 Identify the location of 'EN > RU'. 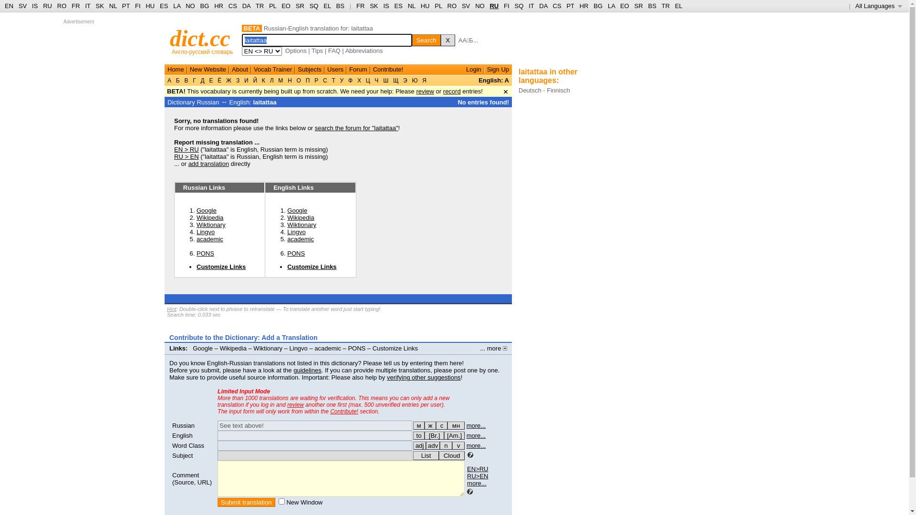
(186, 149).